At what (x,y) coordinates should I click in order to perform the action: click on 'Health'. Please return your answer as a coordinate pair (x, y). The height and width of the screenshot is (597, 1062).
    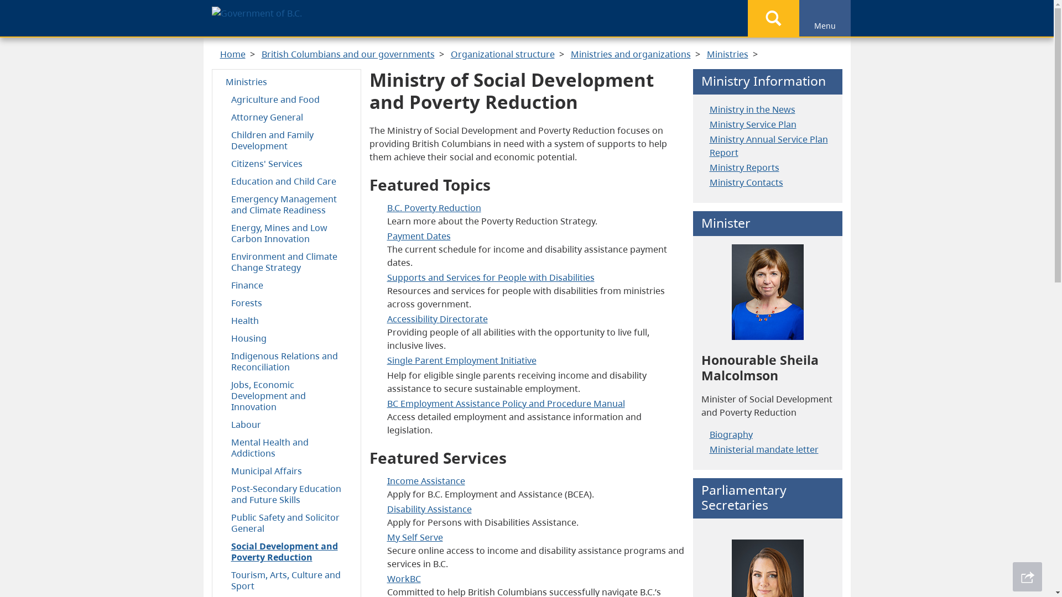
    Looking at the image, I should click on (287, 320).